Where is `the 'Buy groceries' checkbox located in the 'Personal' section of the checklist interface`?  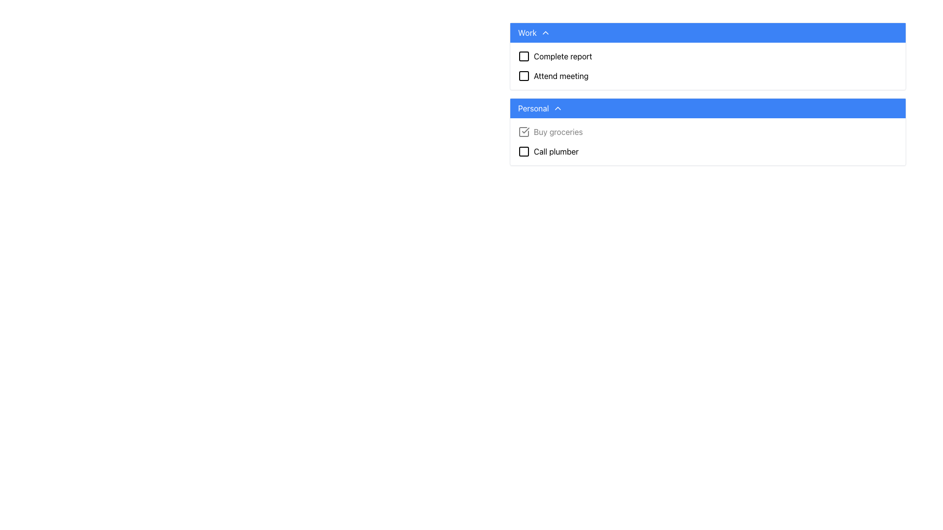 the 'Buy groceries' checkbox located in the 'Personal' section of the checklist interface is located at coordinates (708, 132).